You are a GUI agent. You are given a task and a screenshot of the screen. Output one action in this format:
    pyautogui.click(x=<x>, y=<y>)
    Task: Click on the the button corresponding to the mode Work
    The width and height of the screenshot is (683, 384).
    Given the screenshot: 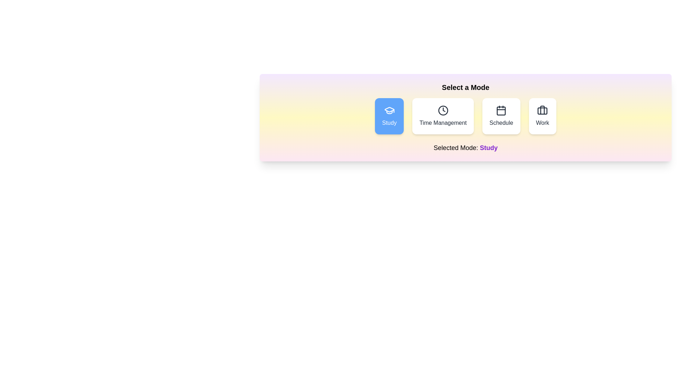 What is the action you would take?
    pyautogui.click(x=542, y=116)
    